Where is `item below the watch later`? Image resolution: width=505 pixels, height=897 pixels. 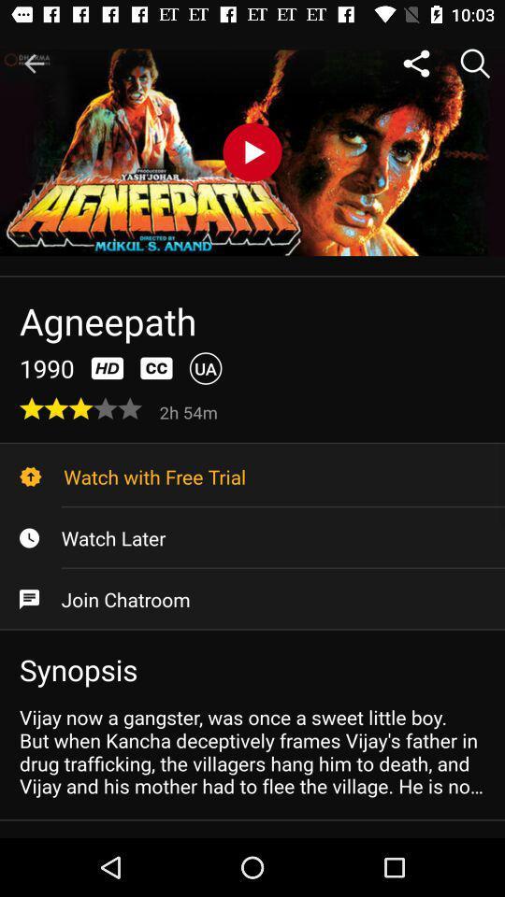
item below the watch later is located at coordinates (252, 598).